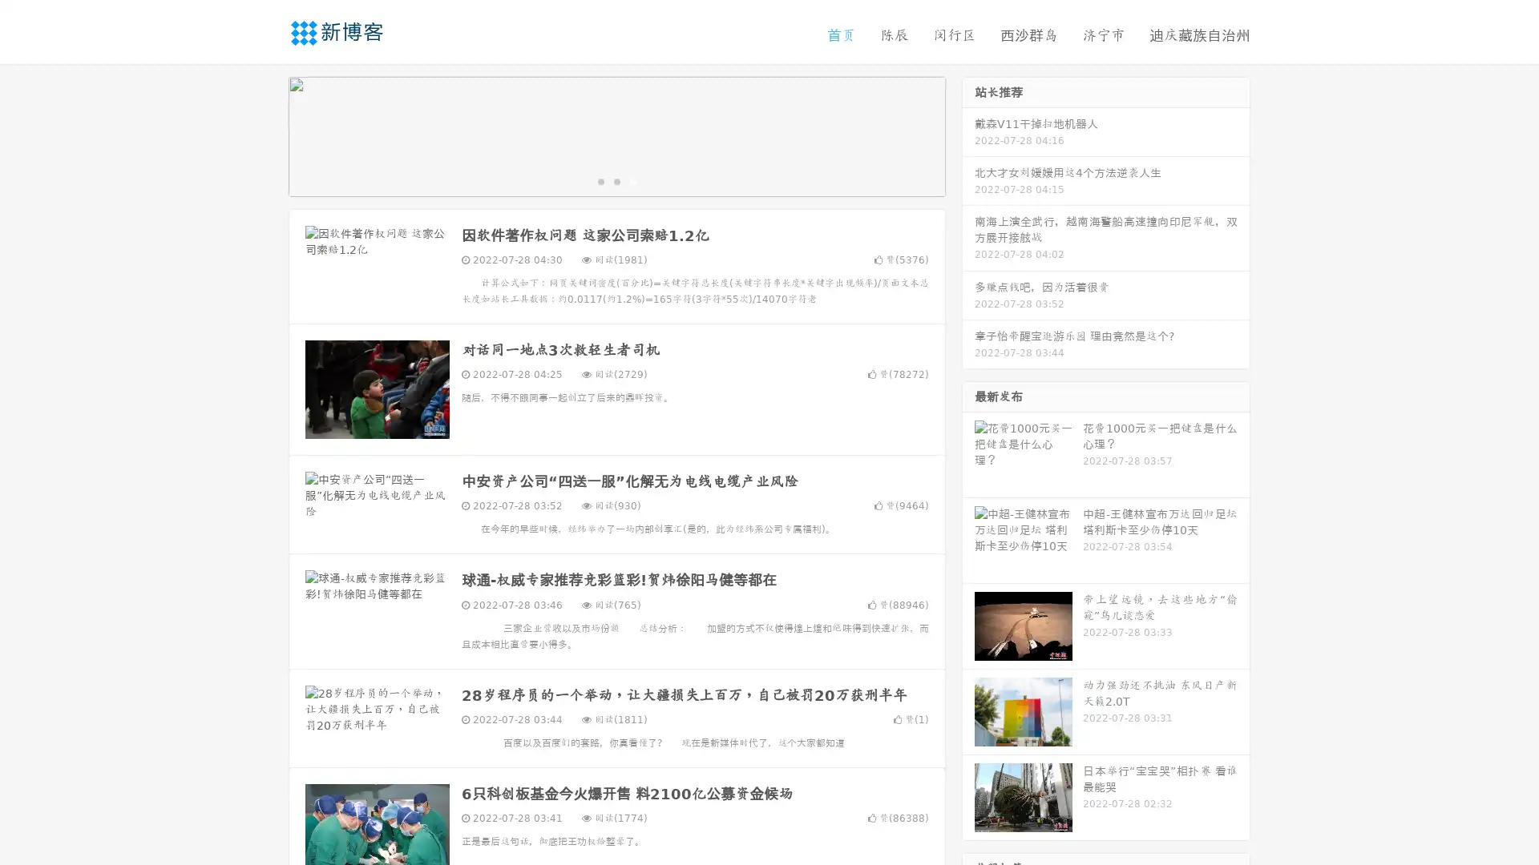  I want to click on Next slide, so click(968, 135).